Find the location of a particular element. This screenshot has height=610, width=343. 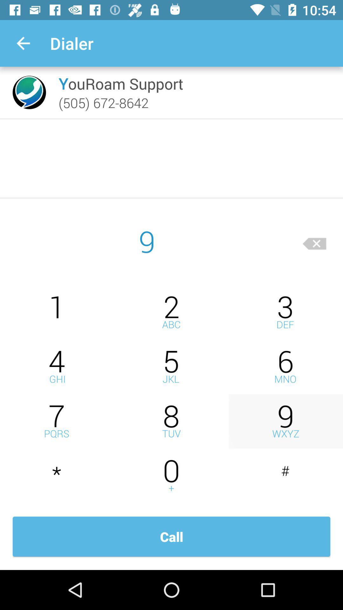

the swap icon is located at coordinates (171, 476).